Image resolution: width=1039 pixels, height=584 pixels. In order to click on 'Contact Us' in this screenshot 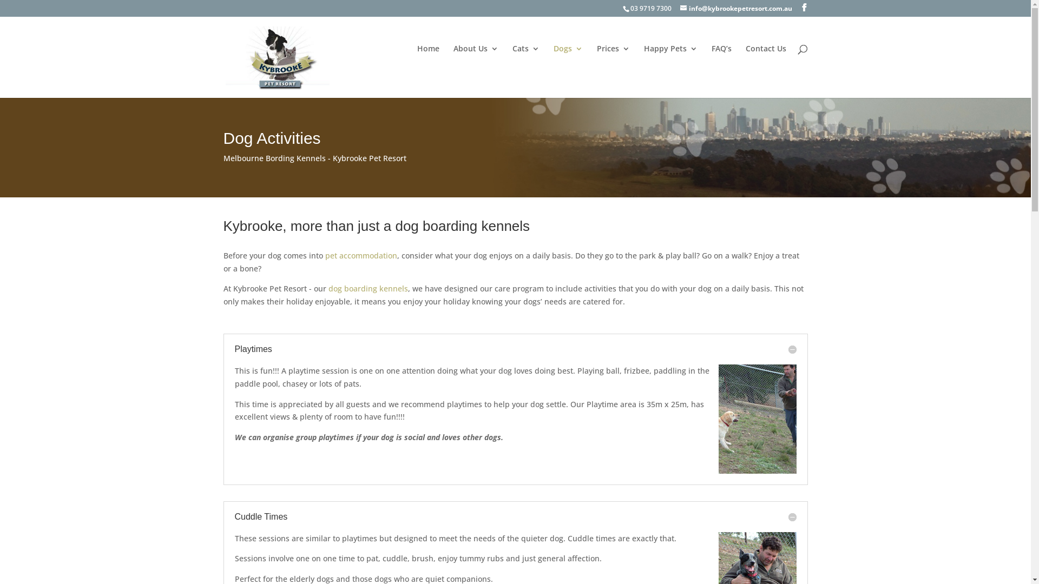, I will do `click(765, 62)`.